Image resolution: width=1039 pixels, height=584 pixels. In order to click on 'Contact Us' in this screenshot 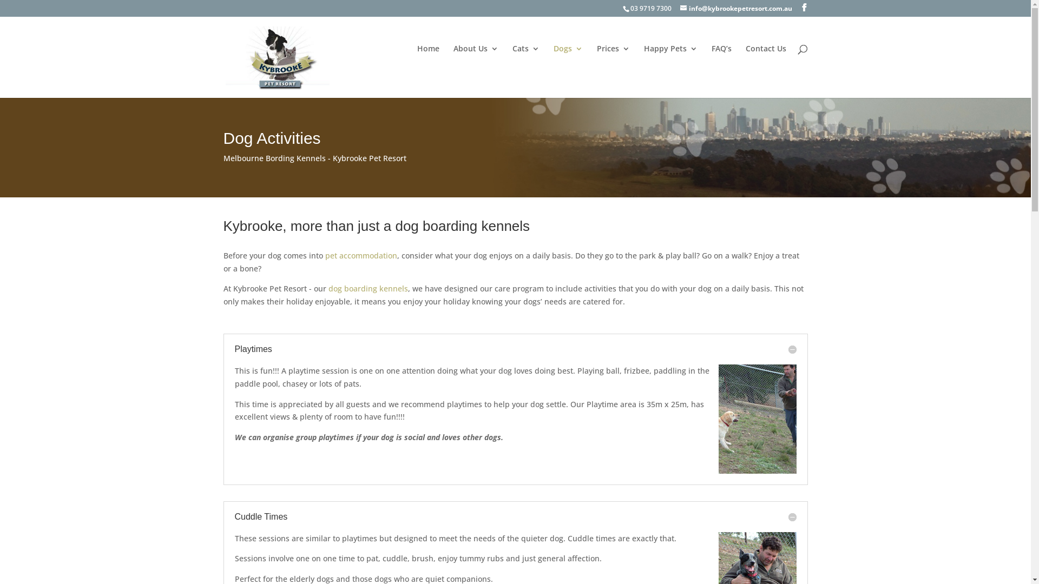, I will do `click(765, 62)`.